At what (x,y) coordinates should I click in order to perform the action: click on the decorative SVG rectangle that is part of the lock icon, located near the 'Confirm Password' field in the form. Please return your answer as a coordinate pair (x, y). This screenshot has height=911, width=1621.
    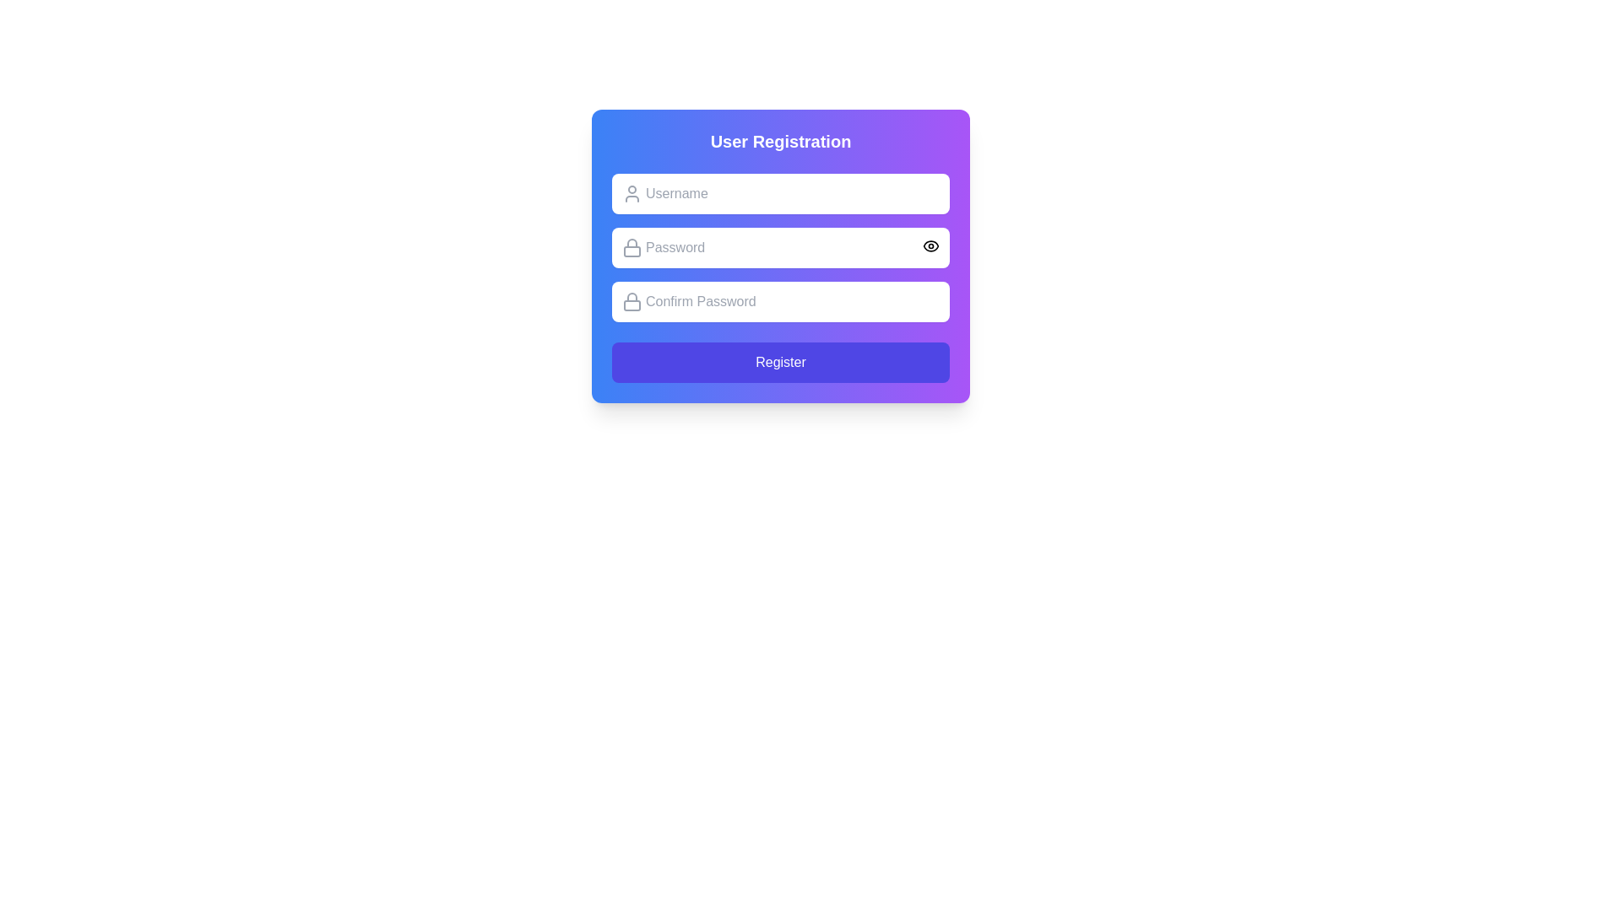
    Looking at the image, I should click on (631, 305).